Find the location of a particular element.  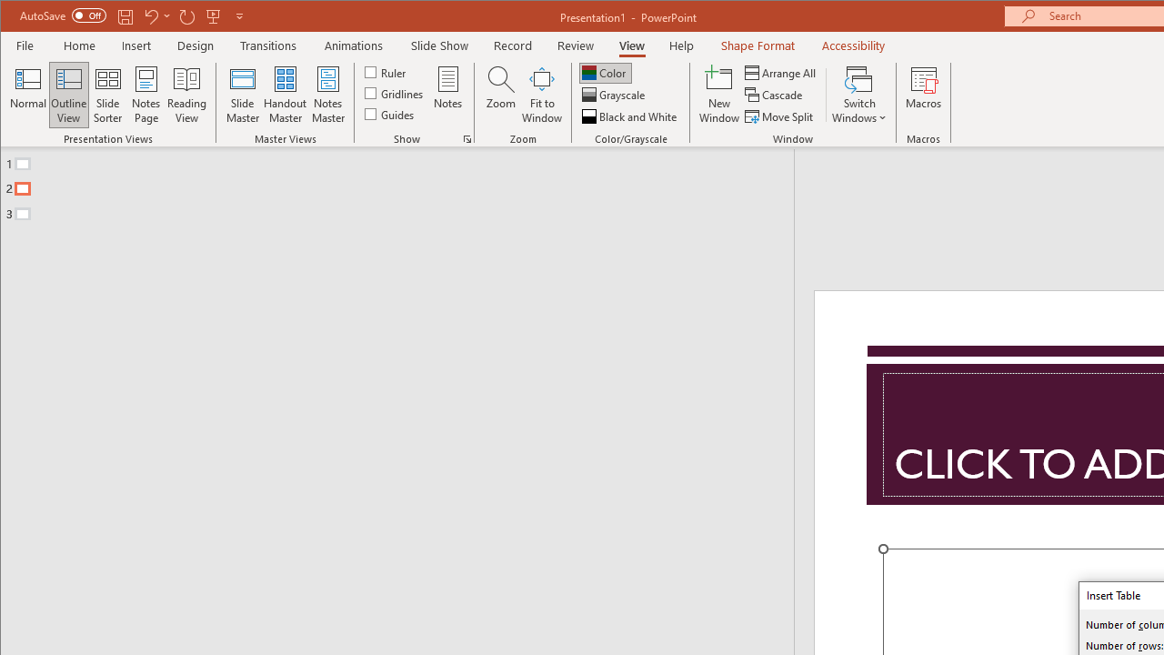

'Outline View' is located at coordinates (69, 95).